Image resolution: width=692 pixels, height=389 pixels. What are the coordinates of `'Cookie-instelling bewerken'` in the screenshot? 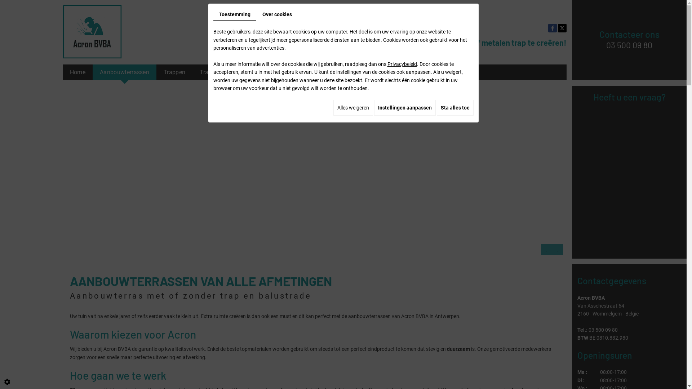 It's located at (7, 381).